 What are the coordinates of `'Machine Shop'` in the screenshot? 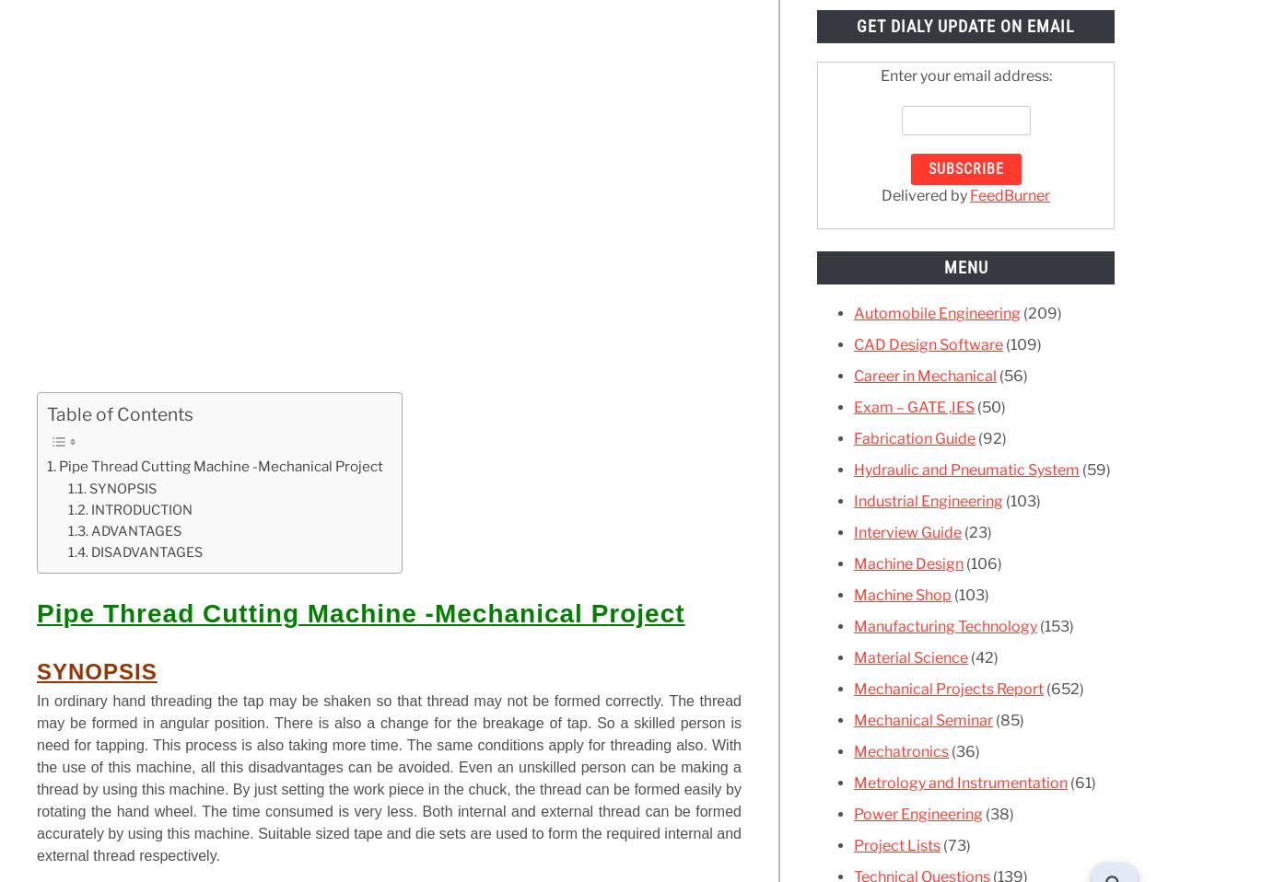 It's located at (902, 593).